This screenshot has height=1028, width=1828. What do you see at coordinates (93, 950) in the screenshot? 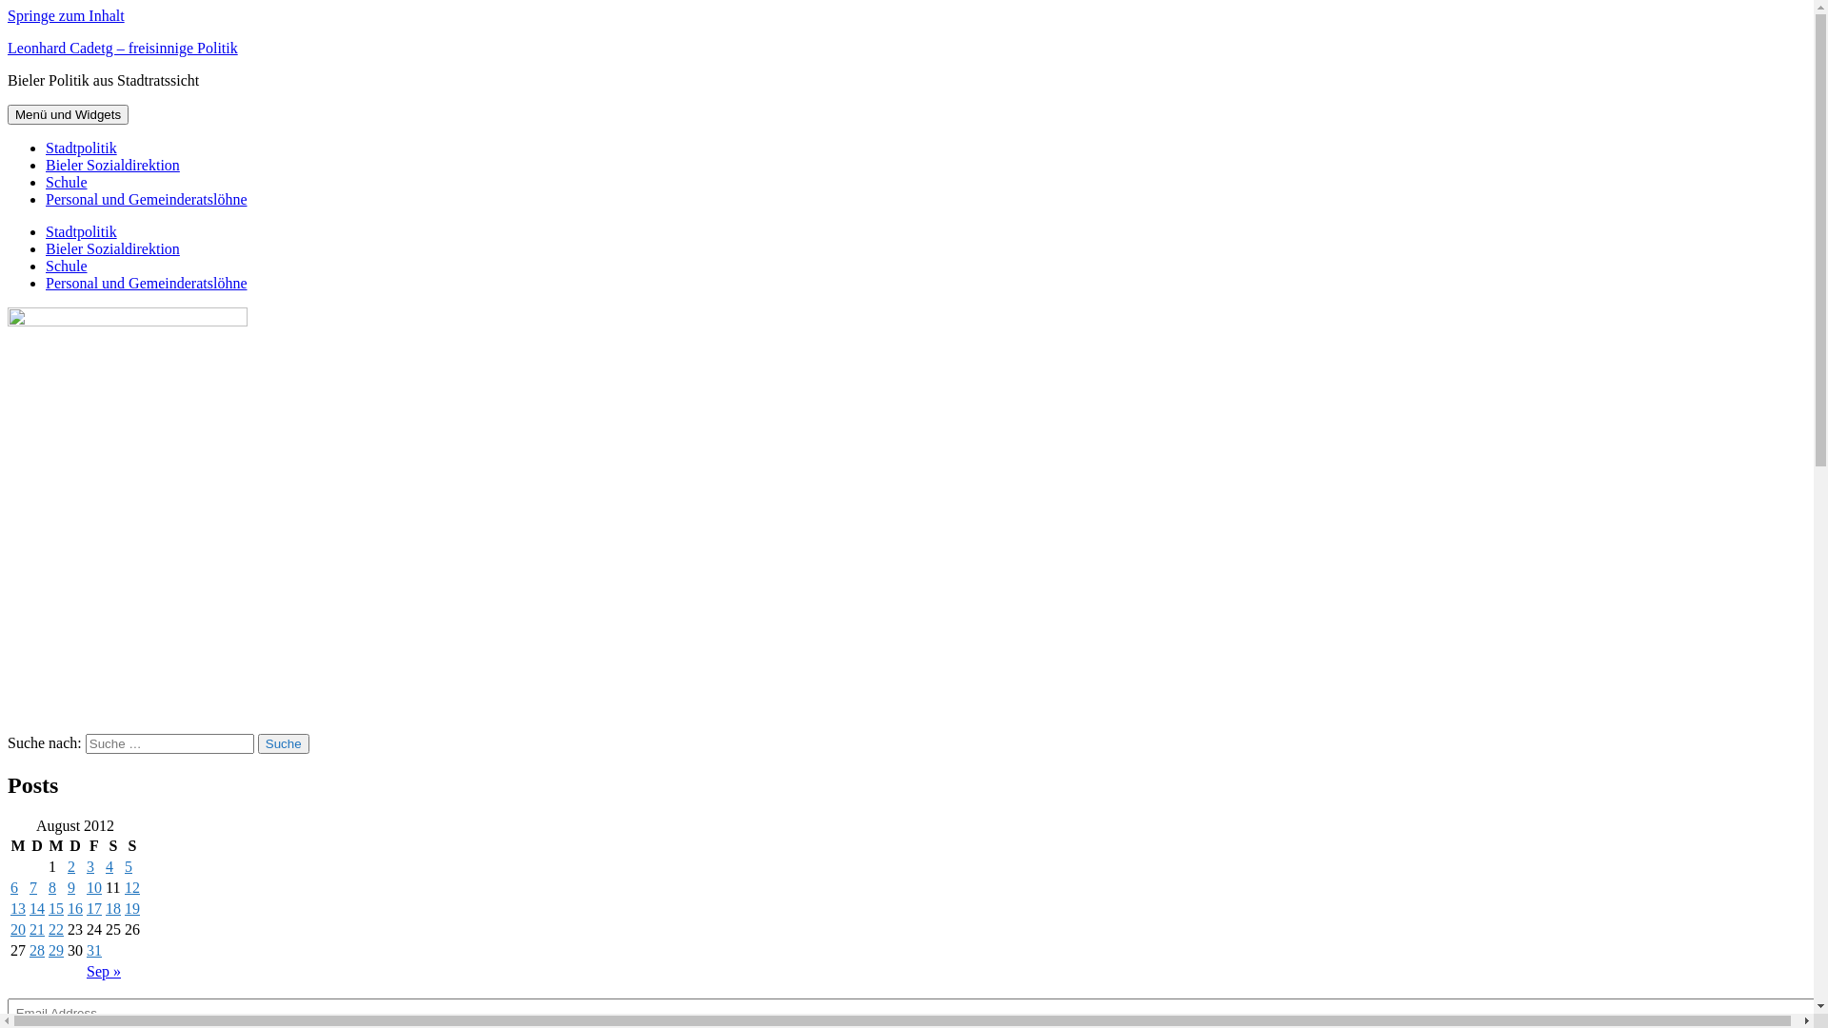
I see `'31'` at bounding box center [93, 950].